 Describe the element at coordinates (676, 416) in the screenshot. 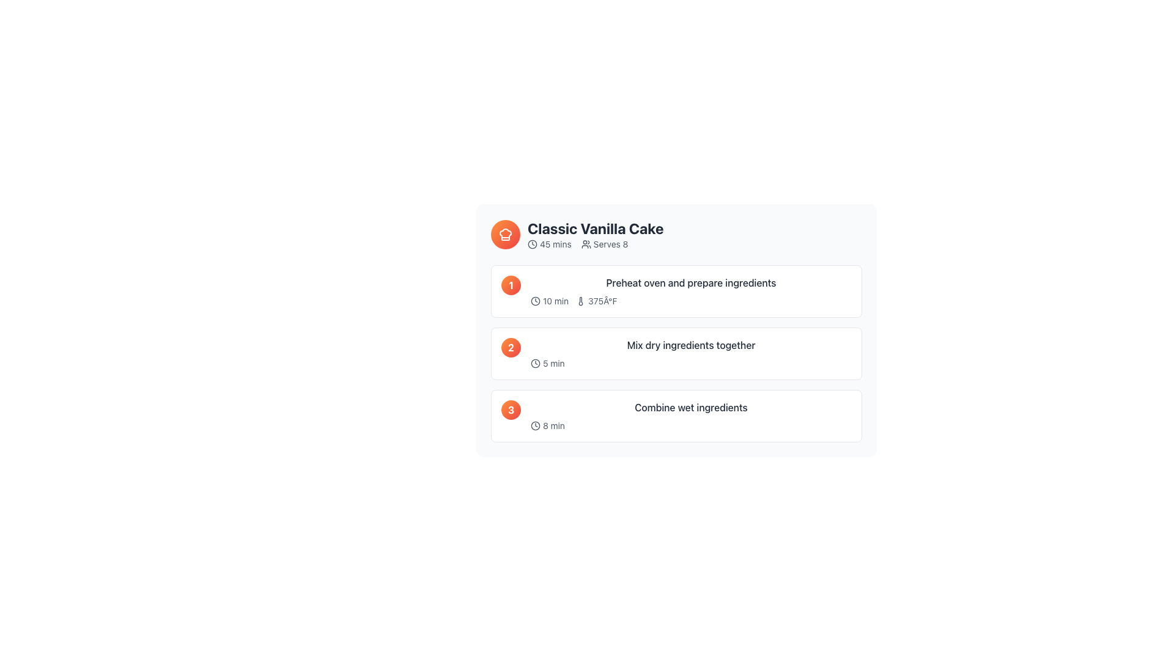

I see `the third step in the recipe list, which is located within a white card below the 'Classic Vanilla Cake' title` at that location.